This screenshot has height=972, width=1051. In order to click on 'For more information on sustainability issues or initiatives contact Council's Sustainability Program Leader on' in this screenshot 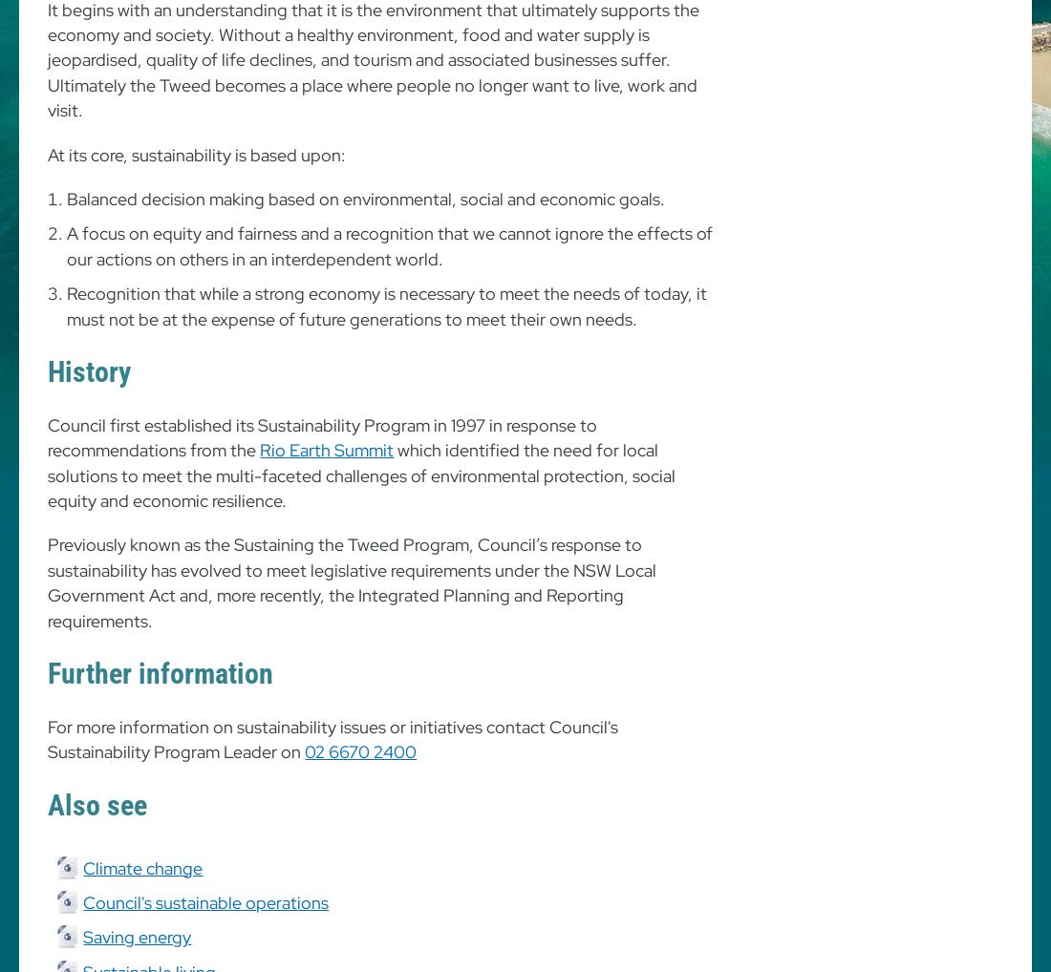, I will do `click(47, 738)`.